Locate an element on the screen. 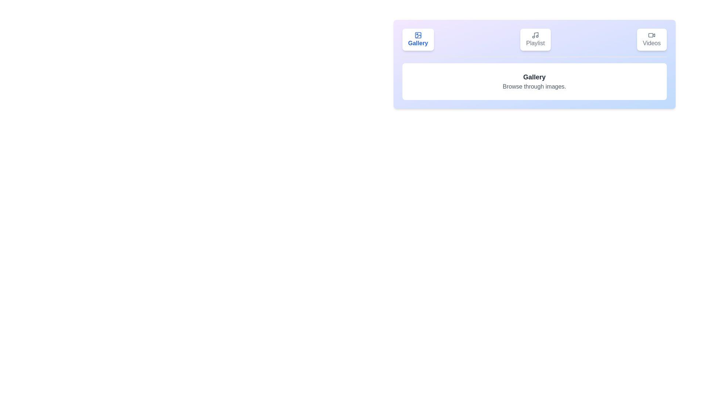 The image size is (705, 397). the Playlist tab by clicking on its button is located at coordinates (535, 40).